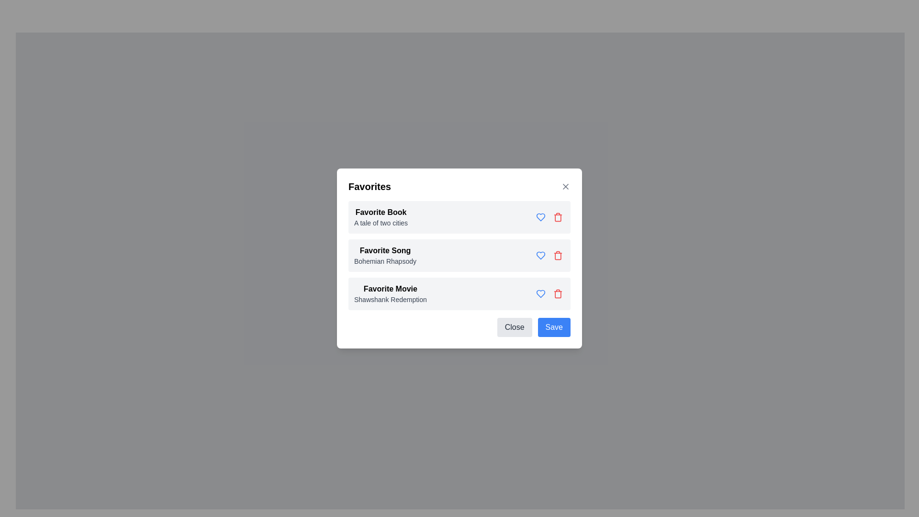 This screenshot has width=919, height=517. What do you see at coordinates (549, 293) in the screenshot?
I see `the blue heart icon located at the right end of the 'Favorite Movie - Shawshank Redemption' row in the modal` at bounding box center [549, 293].